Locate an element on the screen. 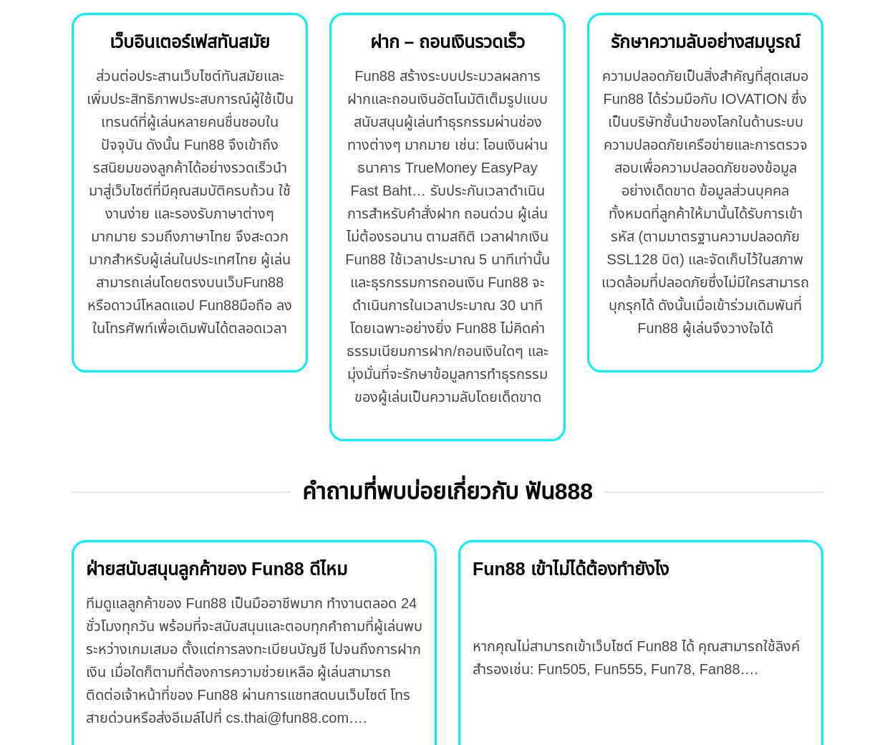  'cs.thai@fun88.com' is located at coordinates (286, 718).